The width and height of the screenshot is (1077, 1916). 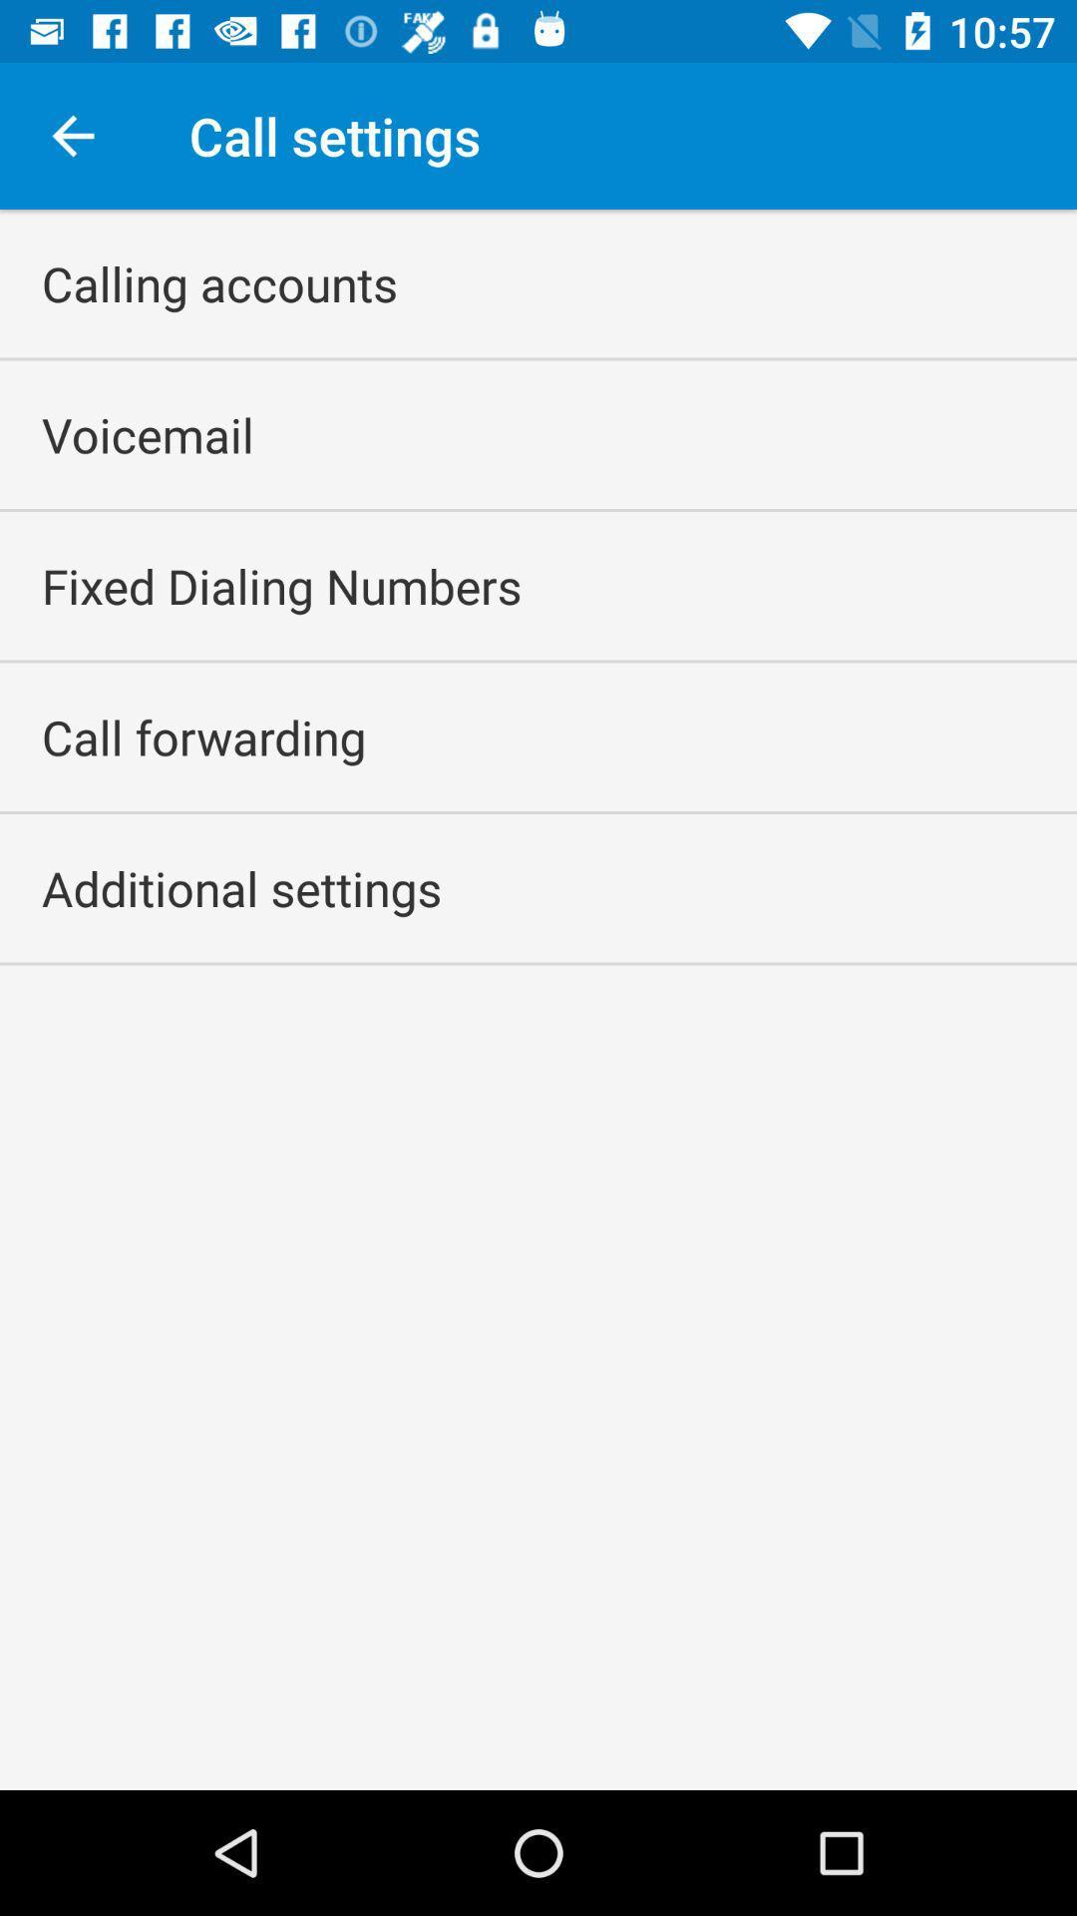 I want to click on item above calling accounts, so click(x=72, y=135).